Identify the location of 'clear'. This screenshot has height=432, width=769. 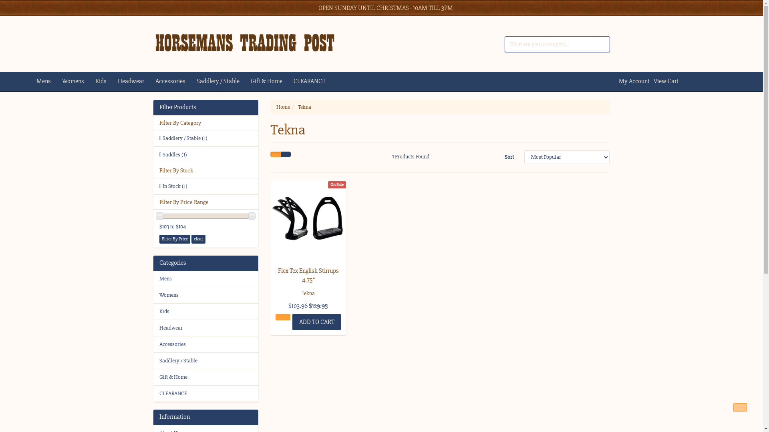
(198, 238).